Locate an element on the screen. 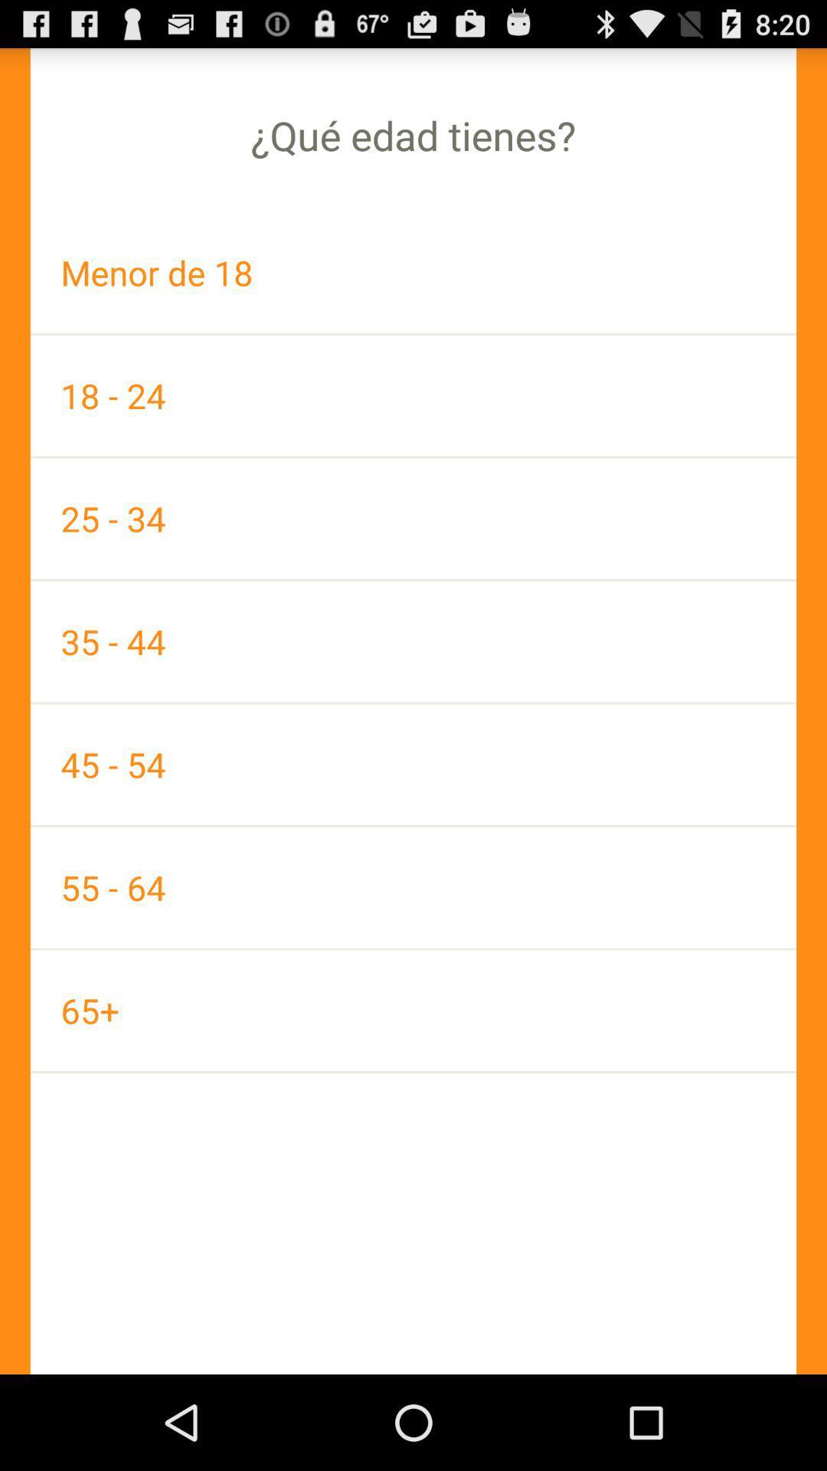 The image size is (827, 1471). icon below 35 - 44 is located at coordinates (413, 765).